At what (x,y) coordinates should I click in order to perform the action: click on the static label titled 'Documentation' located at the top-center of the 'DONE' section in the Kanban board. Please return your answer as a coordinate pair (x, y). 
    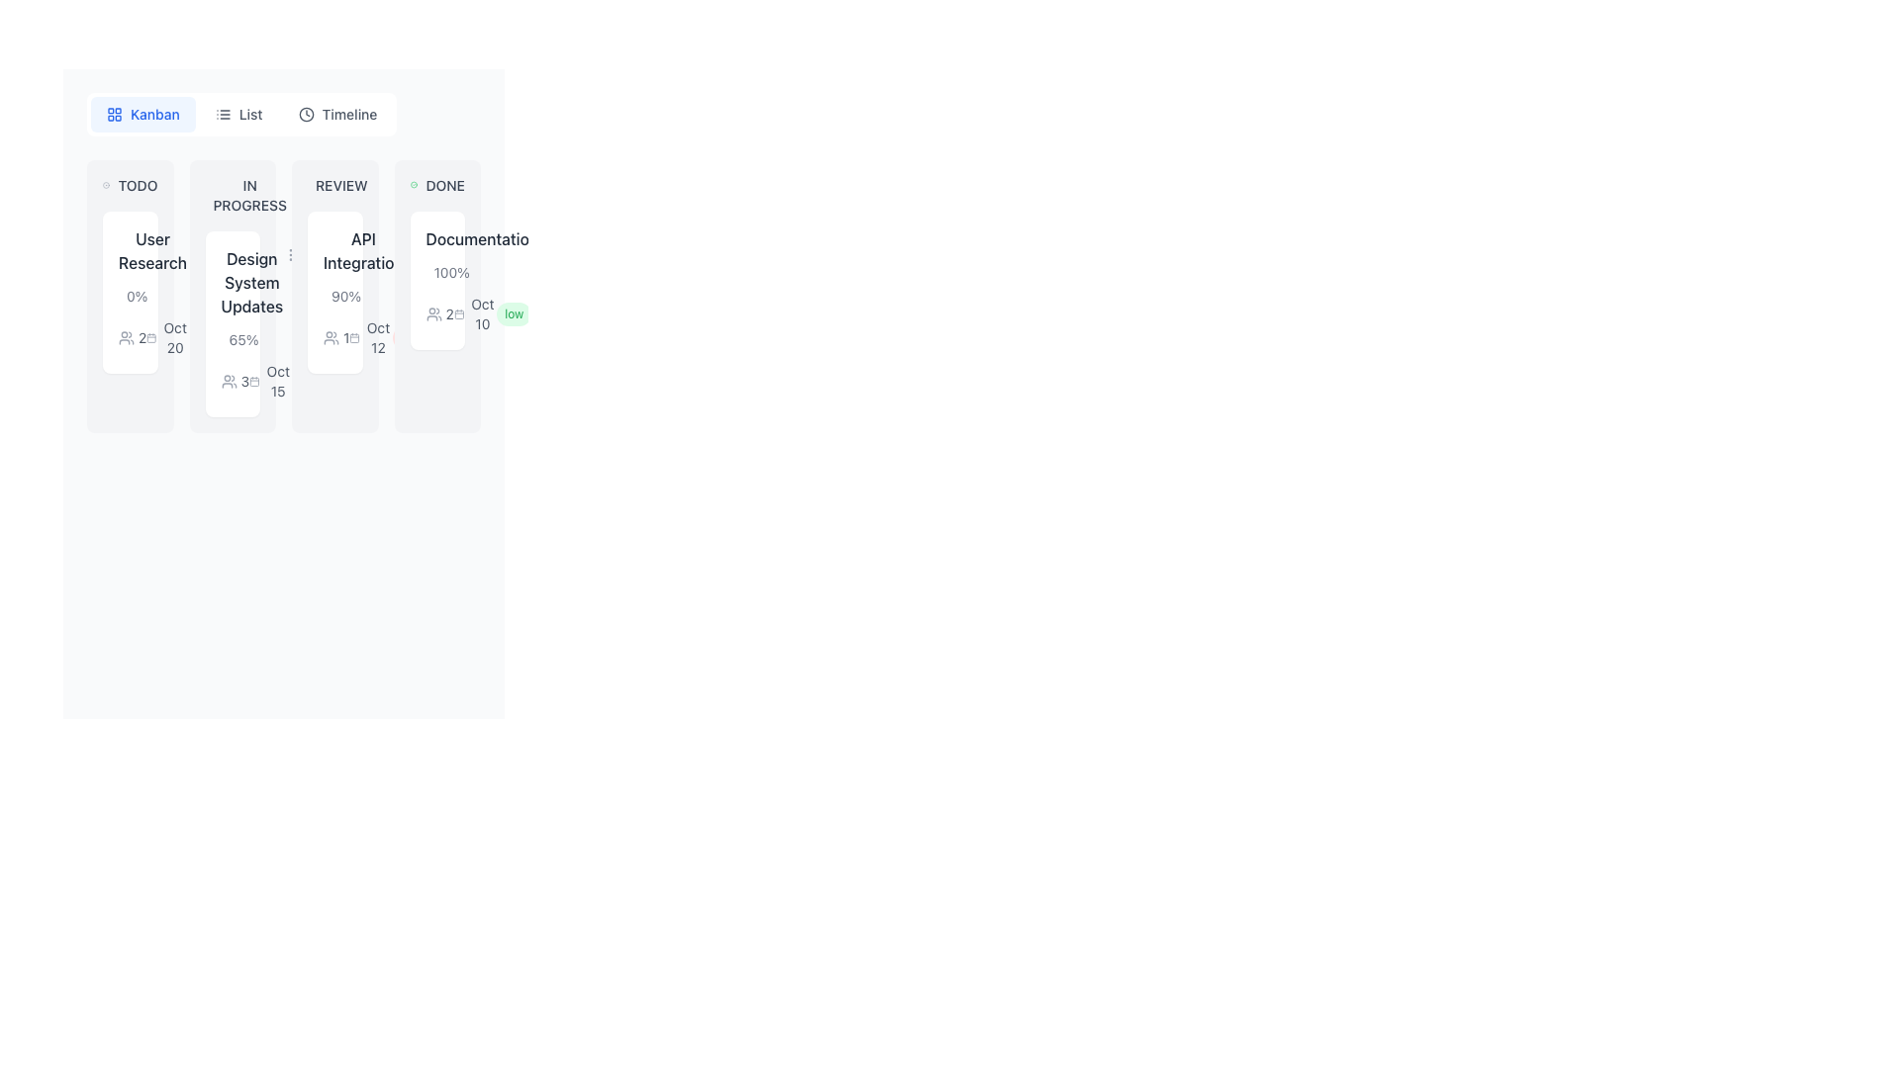
    Looking at the image, I should click on (482, 238).